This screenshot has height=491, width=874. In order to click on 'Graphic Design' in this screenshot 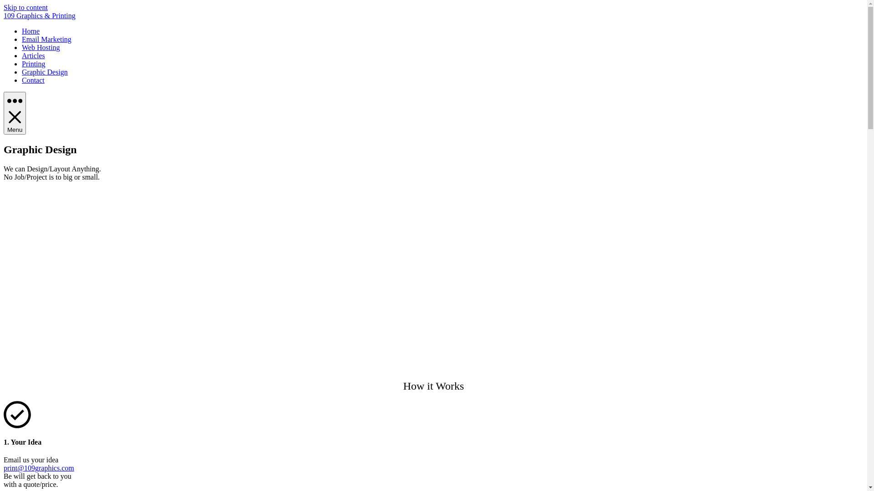, I will do `click(44, 71)`.